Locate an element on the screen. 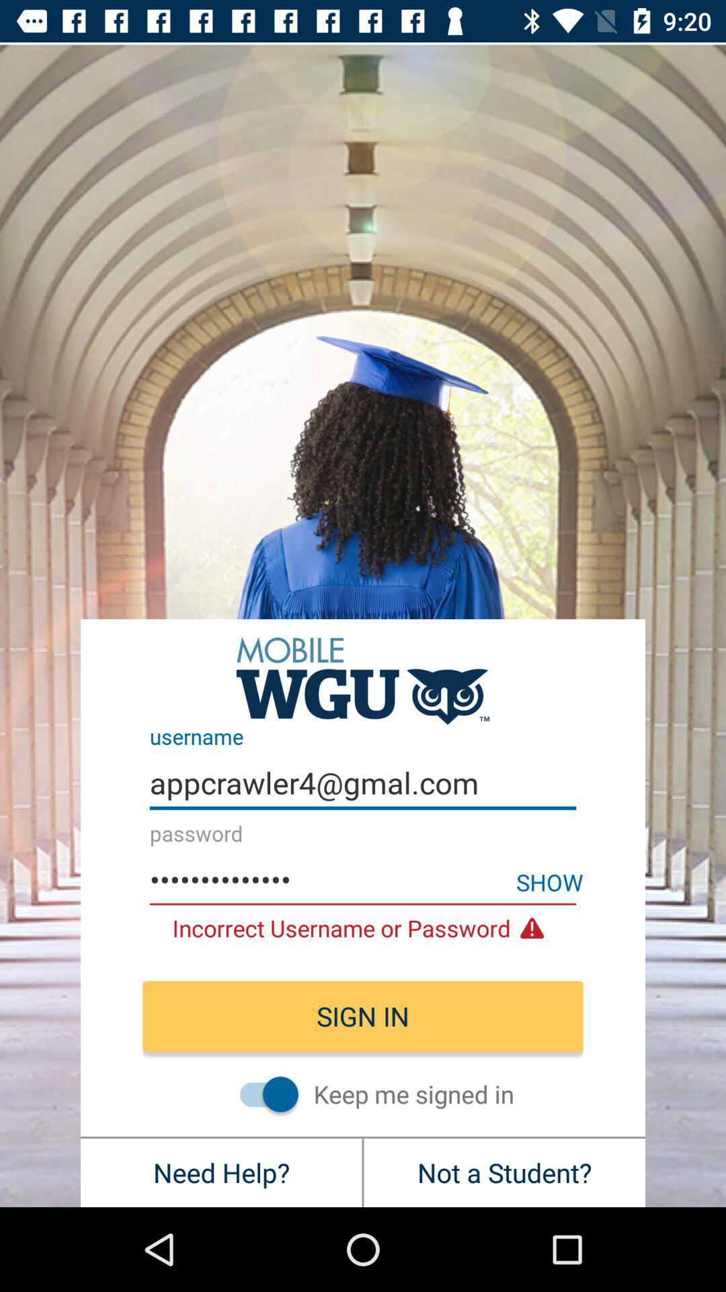 Image resolution: width=726 pixels, height=1292 pixels. the need help? at the bottom left corner is located at coordinates (220, 1172).